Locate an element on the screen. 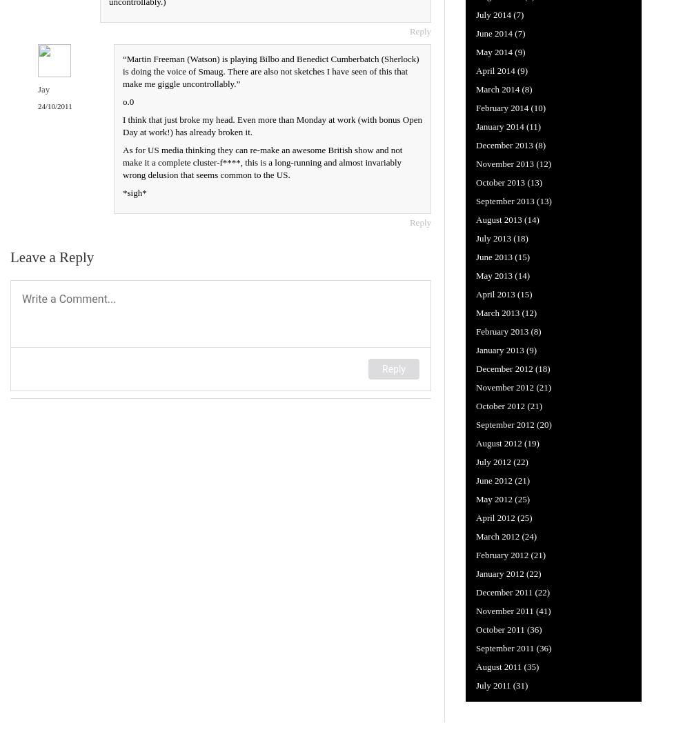  'August 2011' is located at coordinates (497, 666).